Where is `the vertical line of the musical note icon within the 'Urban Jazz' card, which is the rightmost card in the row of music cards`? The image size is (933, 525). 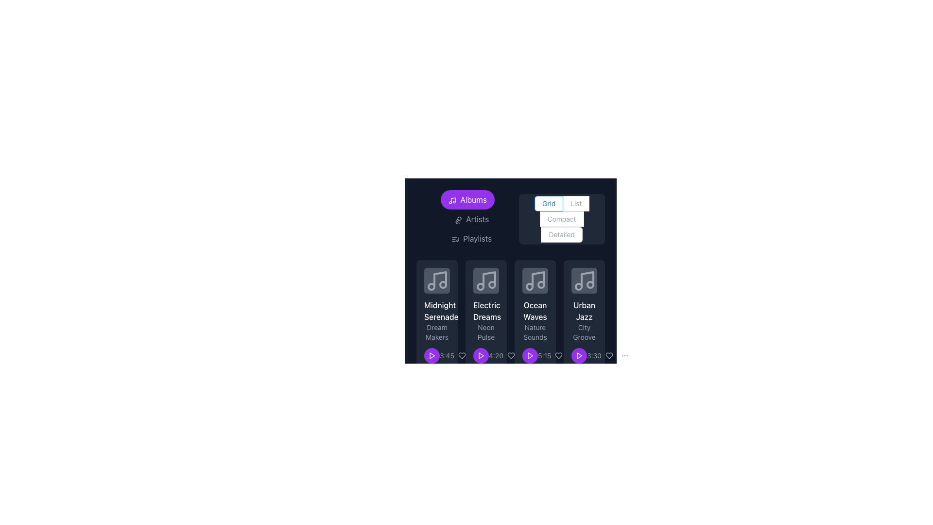
the vertical line of the musical note icon within the 'Urban Jazz' card, which is the rightmost card in the row of music cards is located at coordinates (587, 279).